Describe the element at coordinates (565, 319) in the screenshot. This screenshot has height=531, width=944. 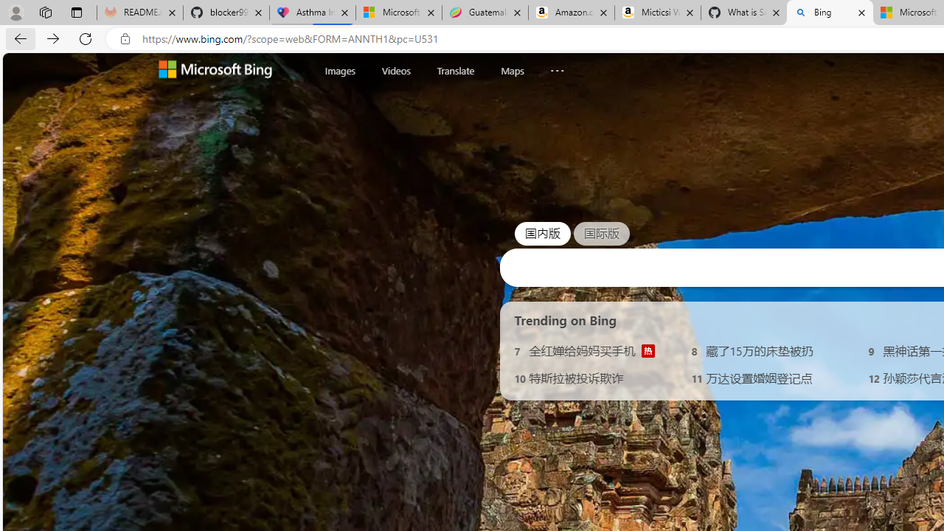
I see `'Trending on Bing'` at that location.